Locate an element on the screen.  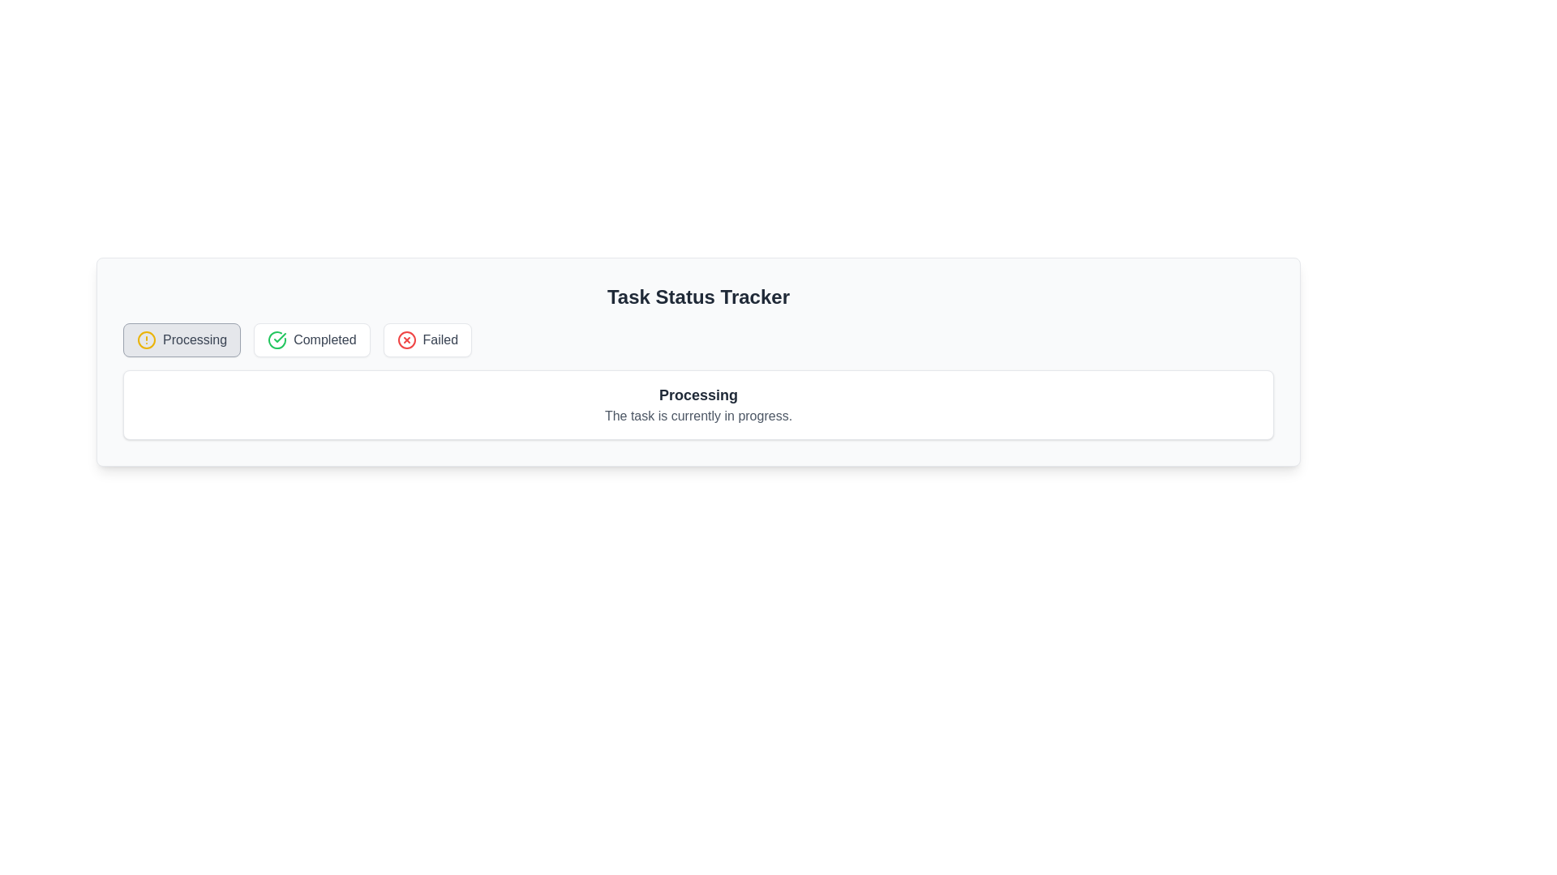
the circular icon with a yellow outline and warning symbol inside, located within the 'Processing' button on the leftmost side of the status indicator bar is located at coordinates (147, 339).